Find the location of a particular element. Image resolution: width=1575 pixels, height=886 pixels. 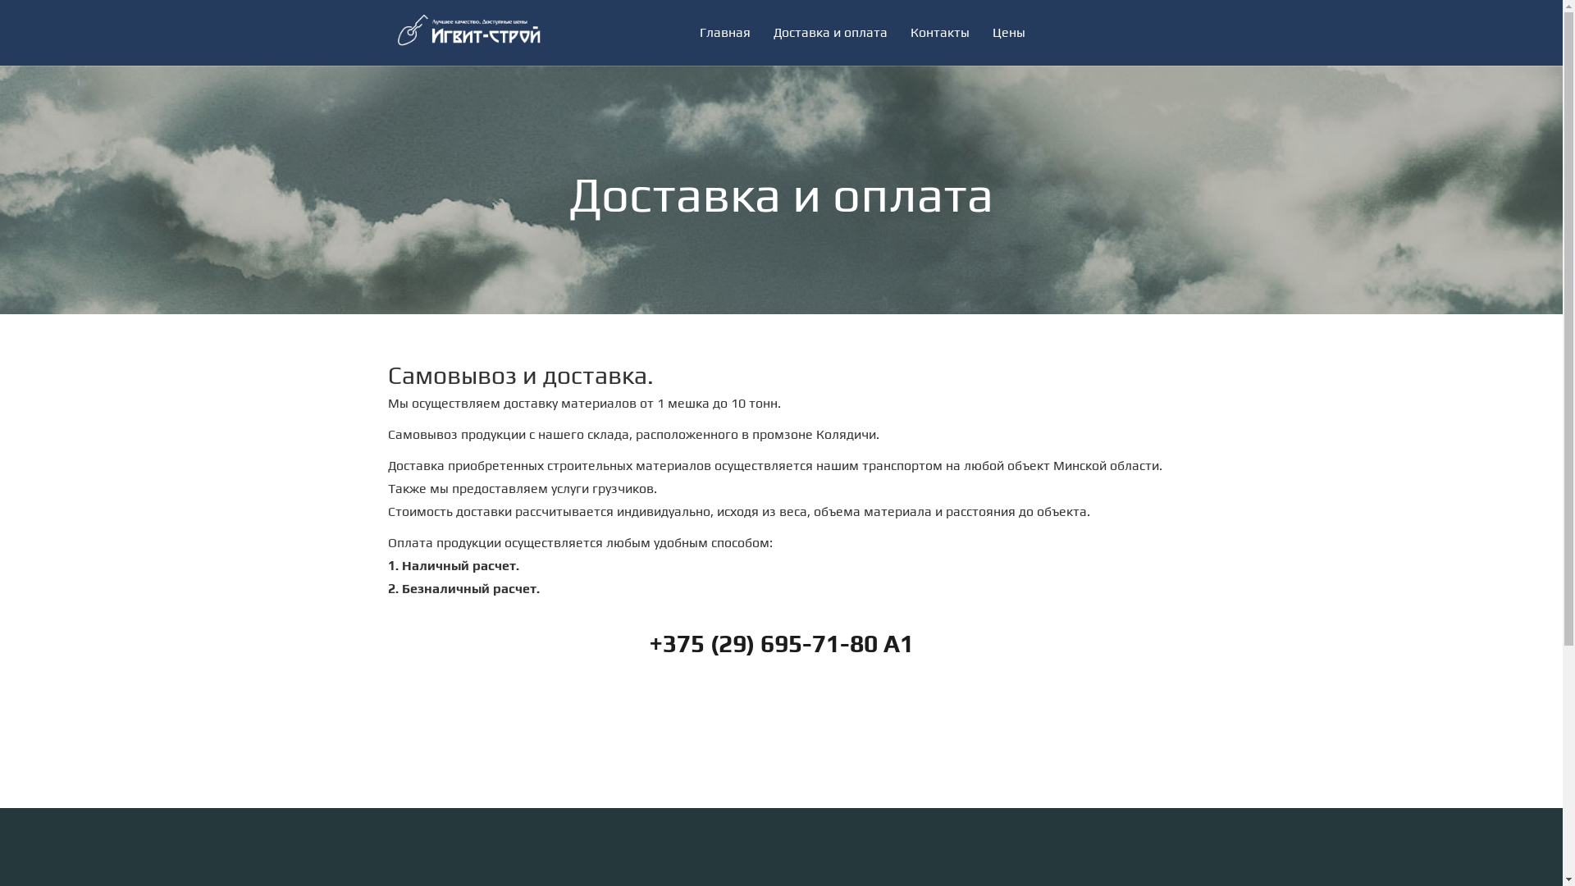

'+375 (29) 695-71-80' is located at coordinates (762, 642).